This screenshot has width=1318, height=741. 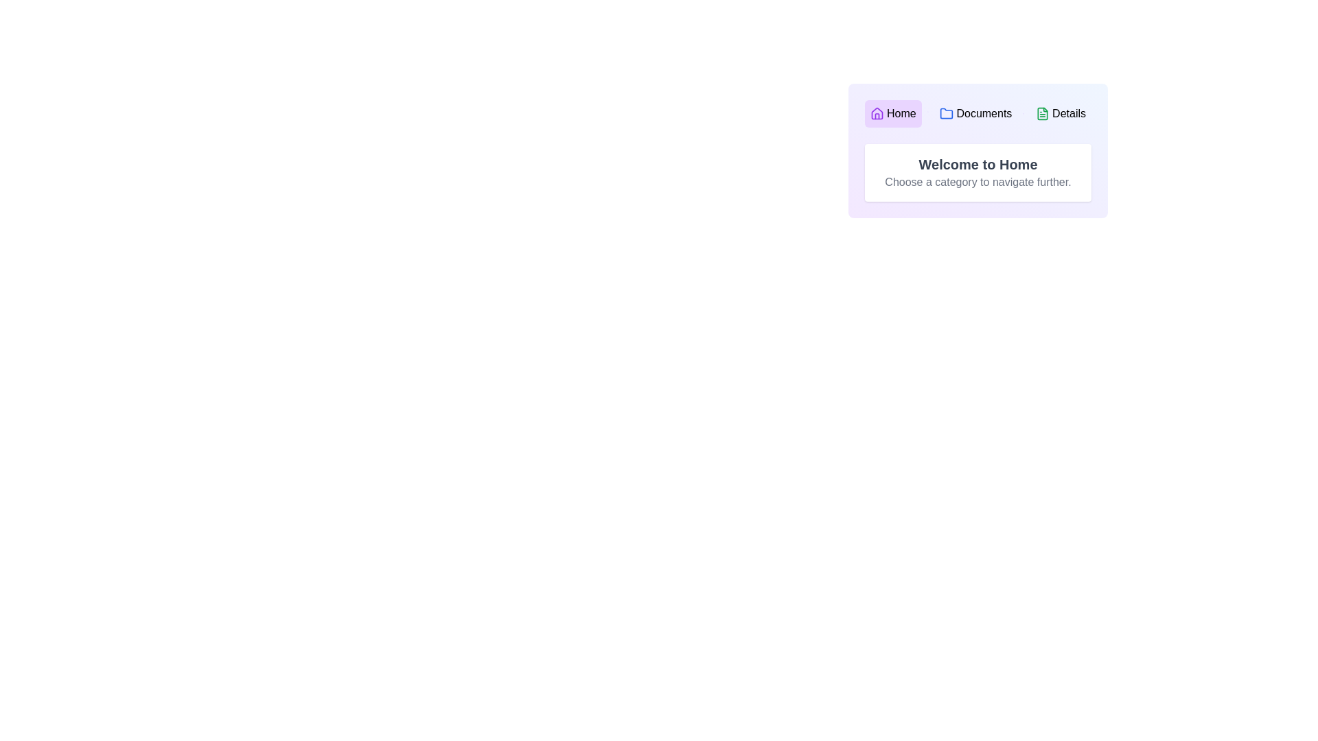 I want to click on the interactive text label with the text 'Documents' and the blue folder icon, so click(x=975, y=113).